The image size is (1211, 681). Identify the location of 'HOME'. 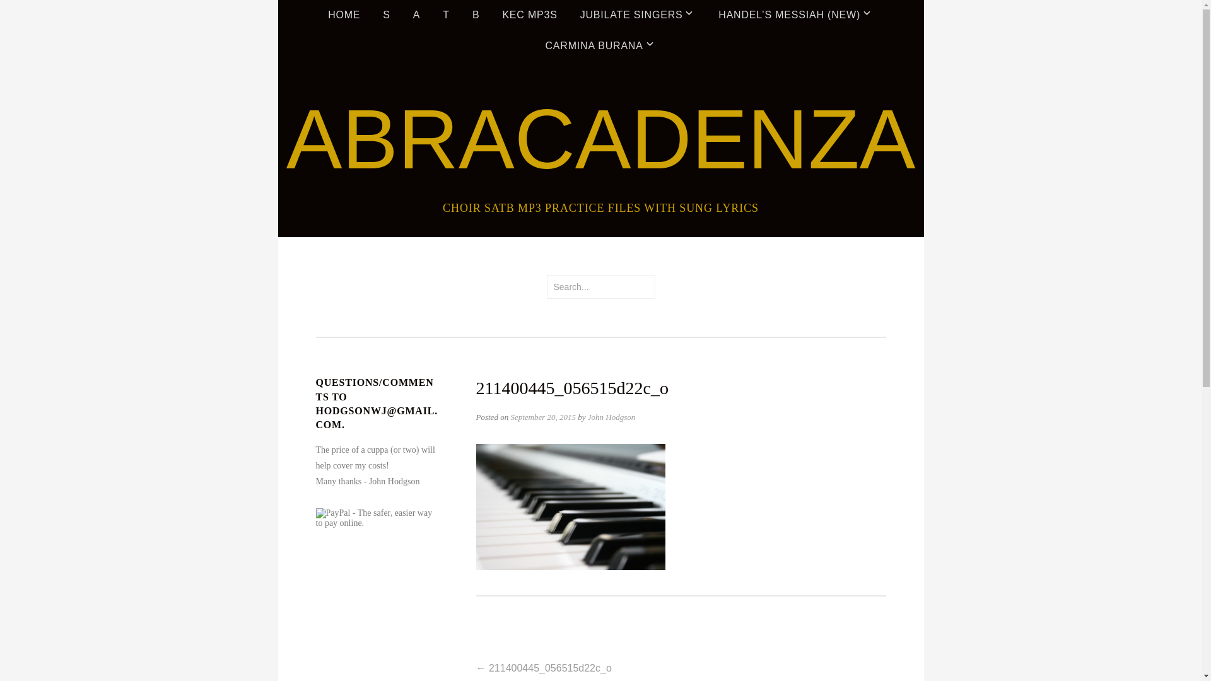
(344, 15).